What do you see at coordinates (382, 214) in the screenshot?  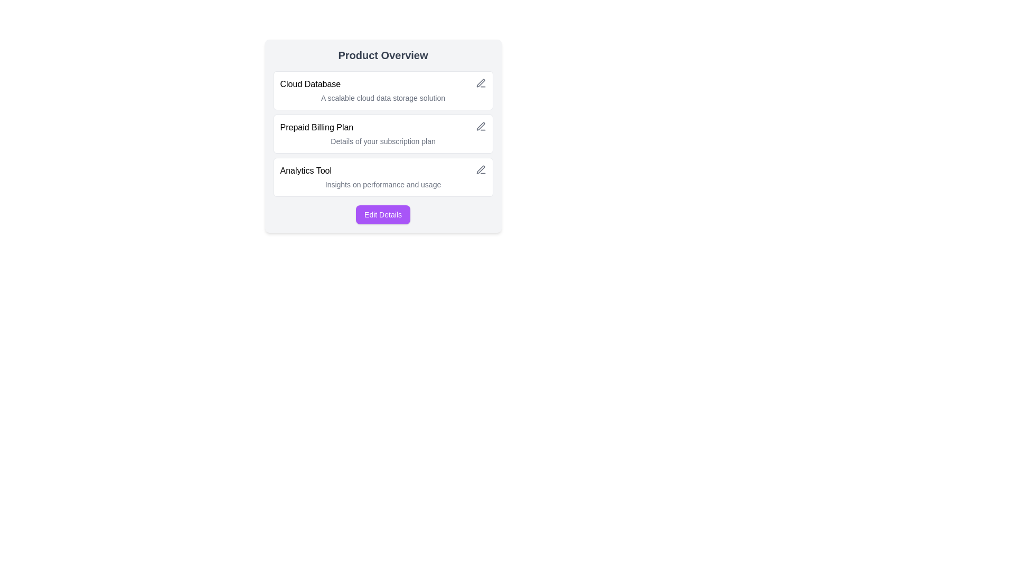 I see `the button located at the bottom of the 'Product Overview' section` at bounding box center [382, 214].